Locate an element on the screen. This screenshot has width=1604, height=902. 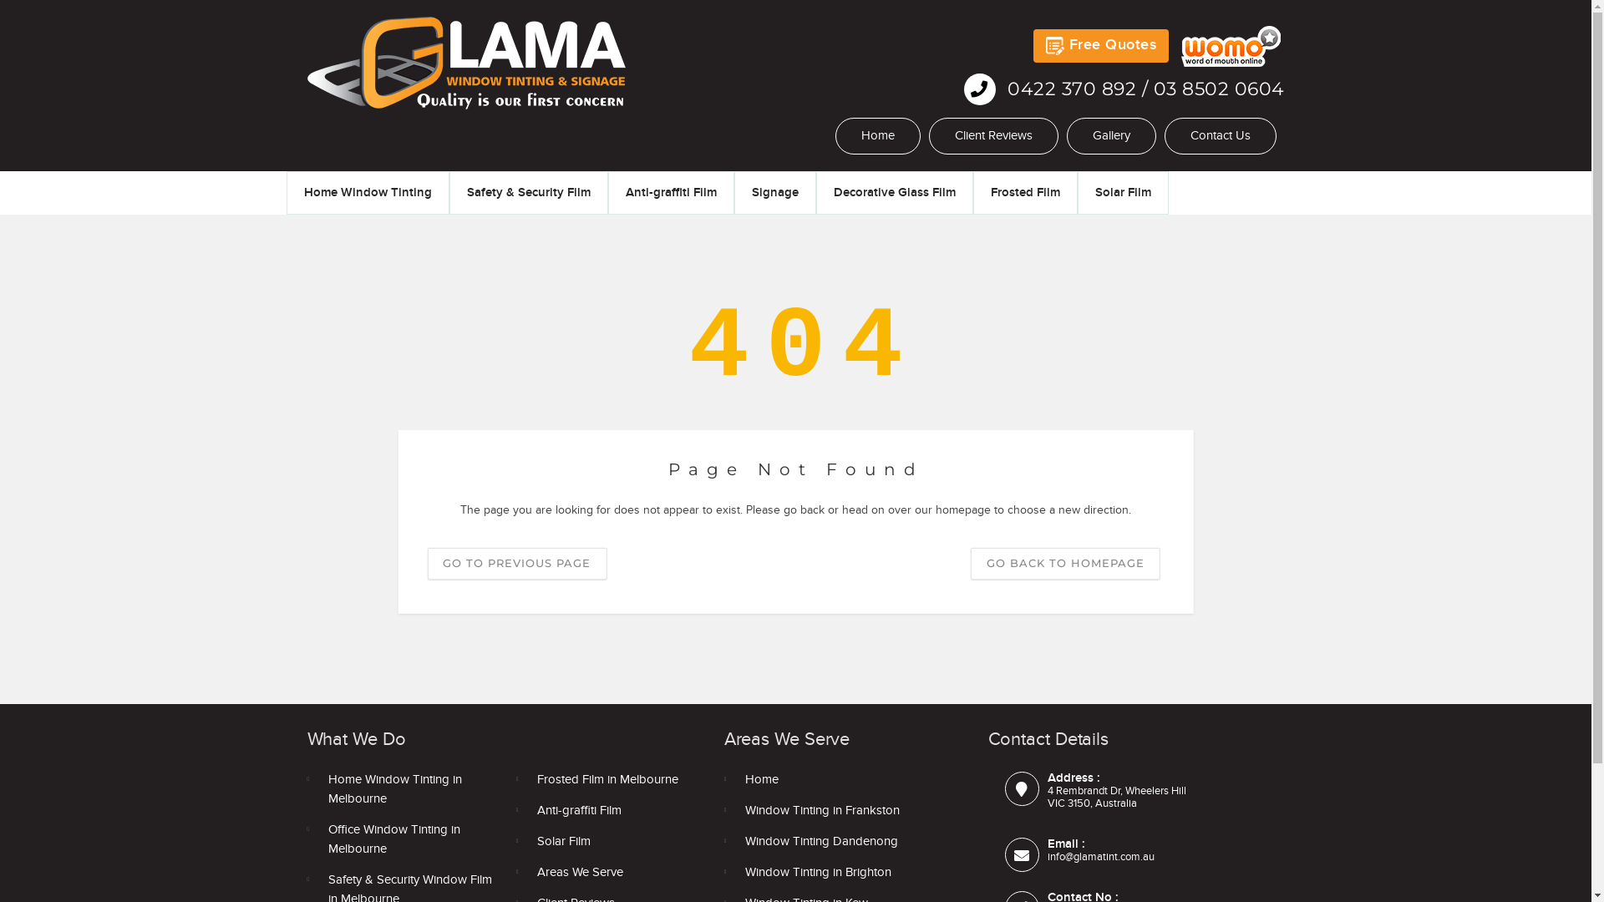
'Gallery' is located at coordinates (1110, 134).